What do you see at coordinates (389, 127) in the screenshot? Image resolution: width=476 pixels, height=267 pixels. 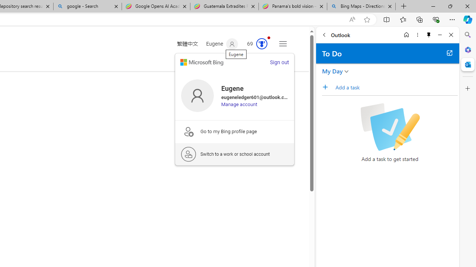 I see `'Checkbox with a pencil'` at bounding box center [389, 127].